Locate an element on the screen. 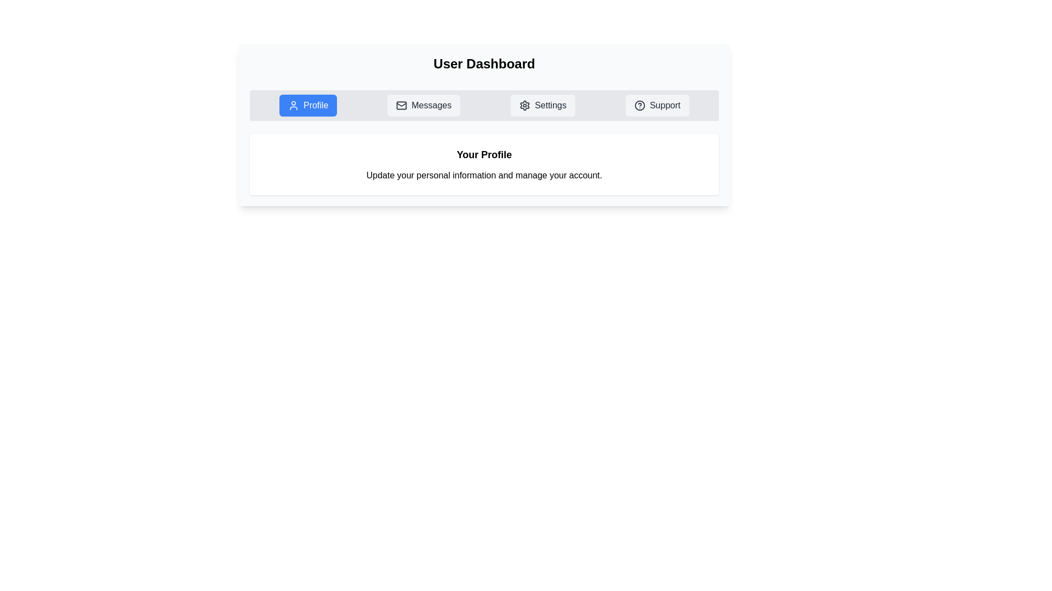  the 'Settings' button, which has a light gray background and a gear icon, located between the 'Messages' and 'Support' buttons is located at coordinates (543, 105).